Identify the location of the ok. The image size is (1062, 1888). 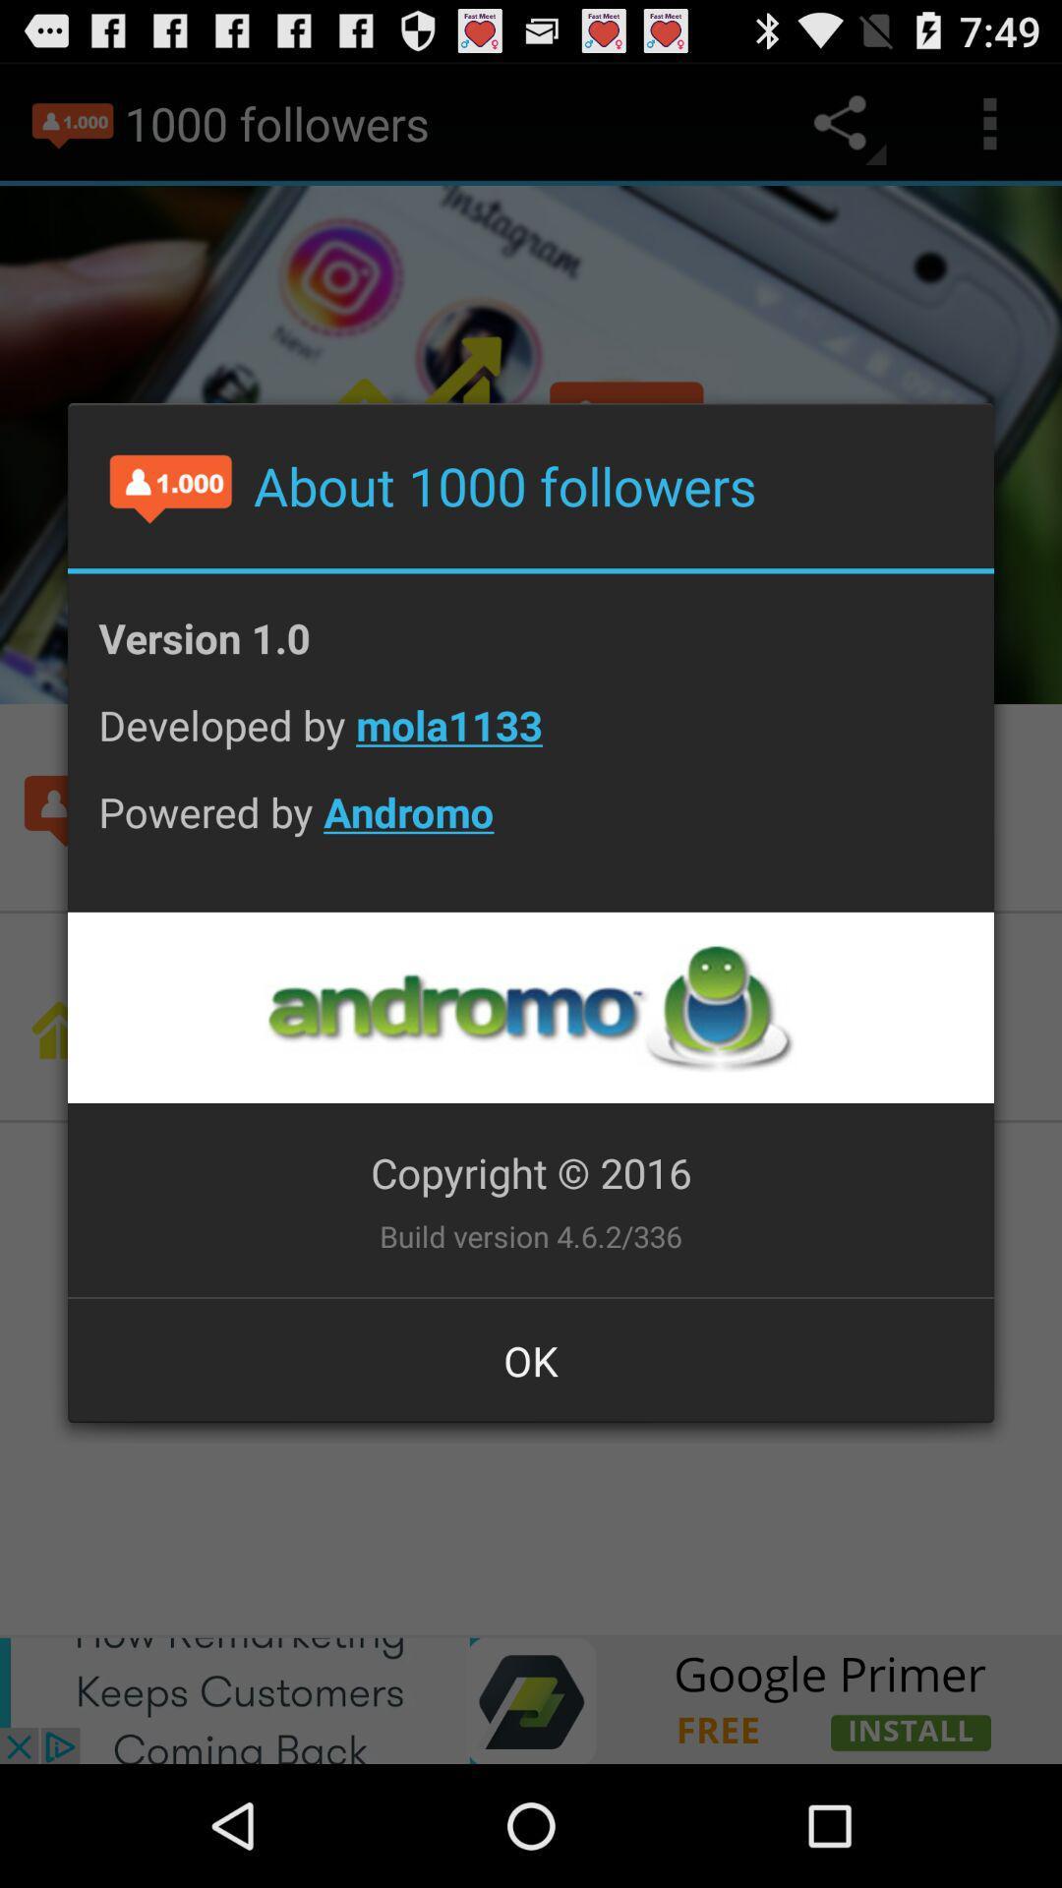
(531, 1359).